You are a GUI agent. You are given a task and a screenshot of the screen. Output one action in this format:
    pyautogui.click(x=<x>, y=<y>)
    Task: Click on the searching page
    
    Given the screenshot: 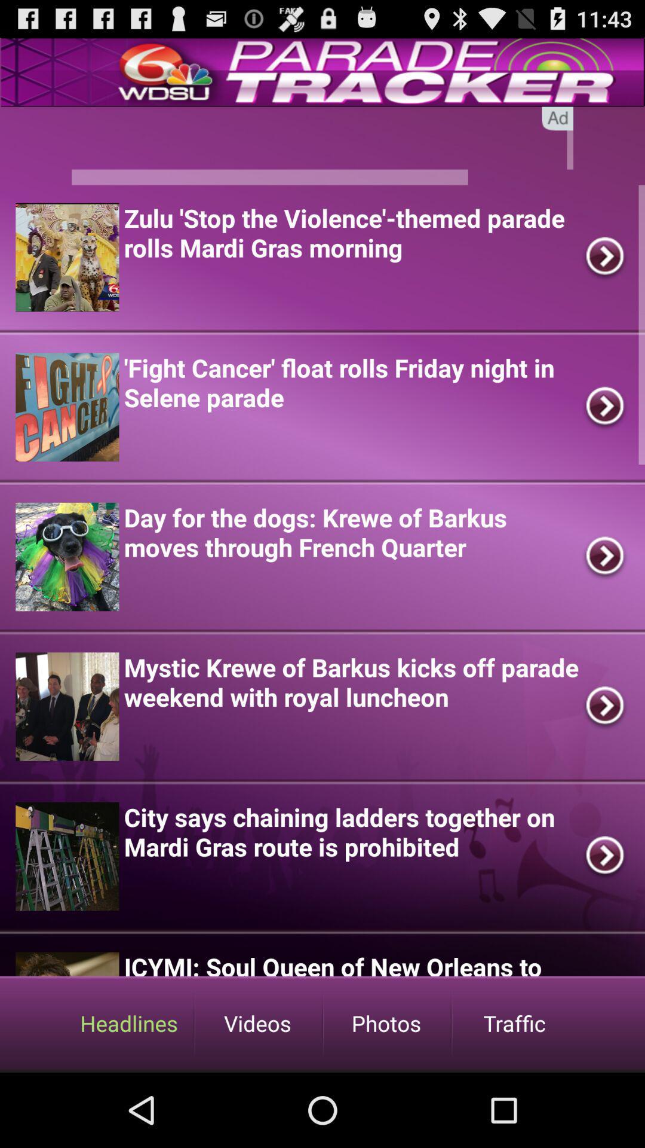 What is the action you would take?
    pyautogui.click(x=322, y=145)
    